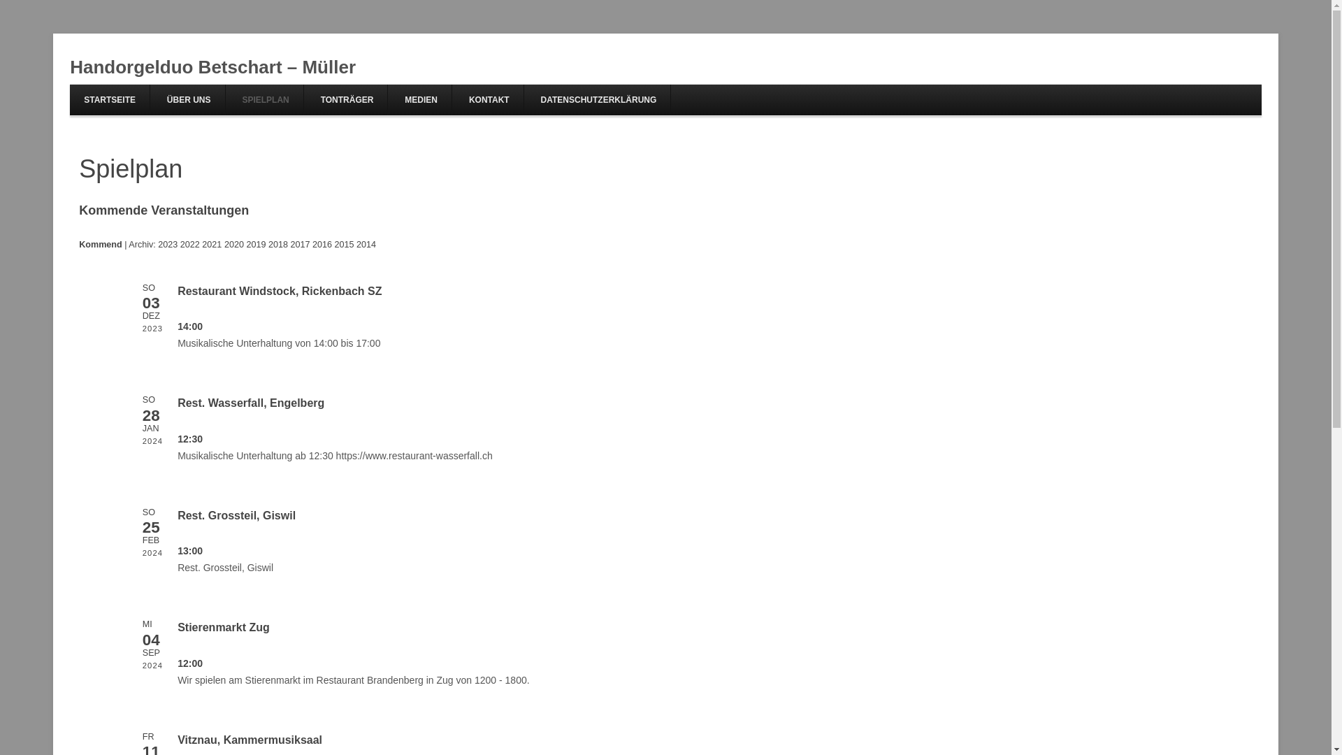 This screenshot has height=755, width=1342. I want to click on 'SPIELPLAN', so click(228, 99).